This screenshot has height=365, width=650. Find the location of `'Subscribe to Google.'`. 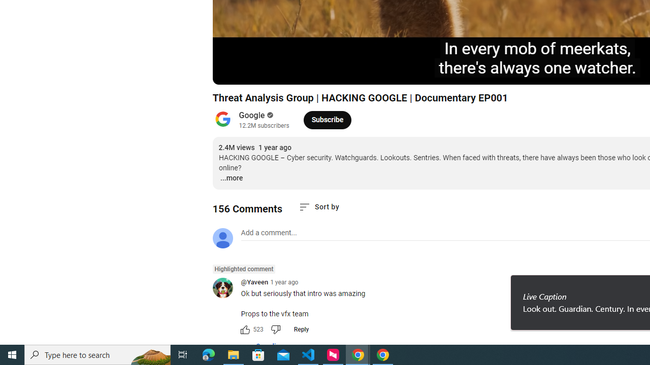

'Subscribe to Google.' is located at coordinates (327, 119).